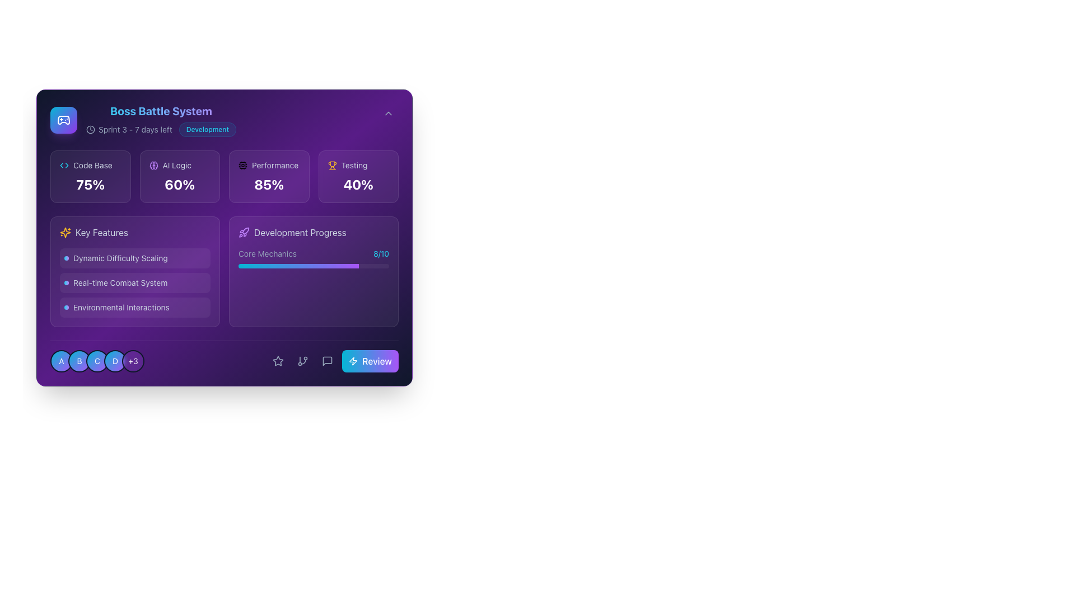  I want to click on the small square speech bubble icon located in the bottom section of the interface, so click(327, 361).